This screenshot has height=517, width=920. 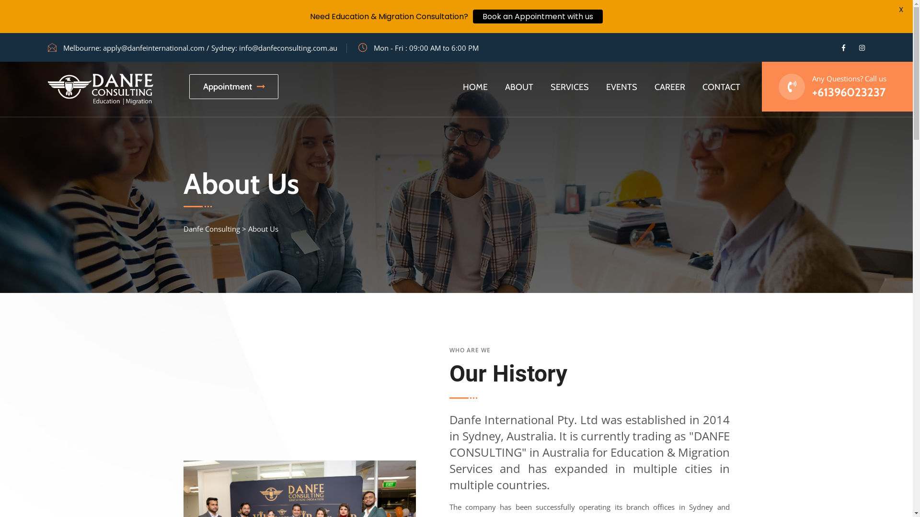 I want to click on 'CONTACT', so click(x=721, y=87).